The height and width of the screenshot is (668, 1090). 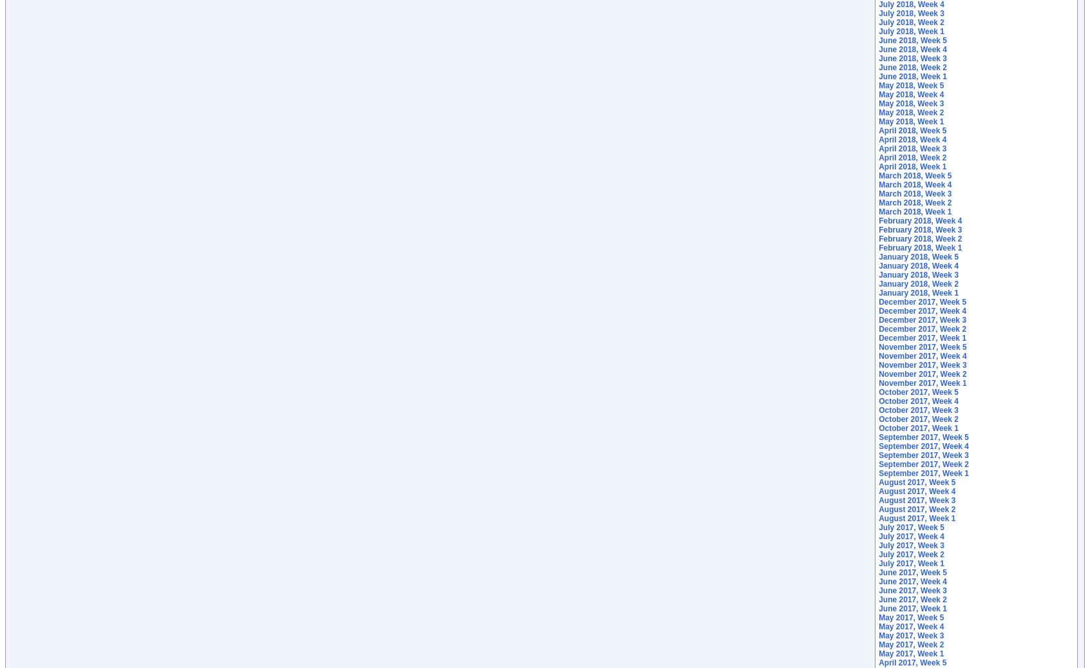 I want to click on 'November 2017, Week 1', so click(x=921, y=383).